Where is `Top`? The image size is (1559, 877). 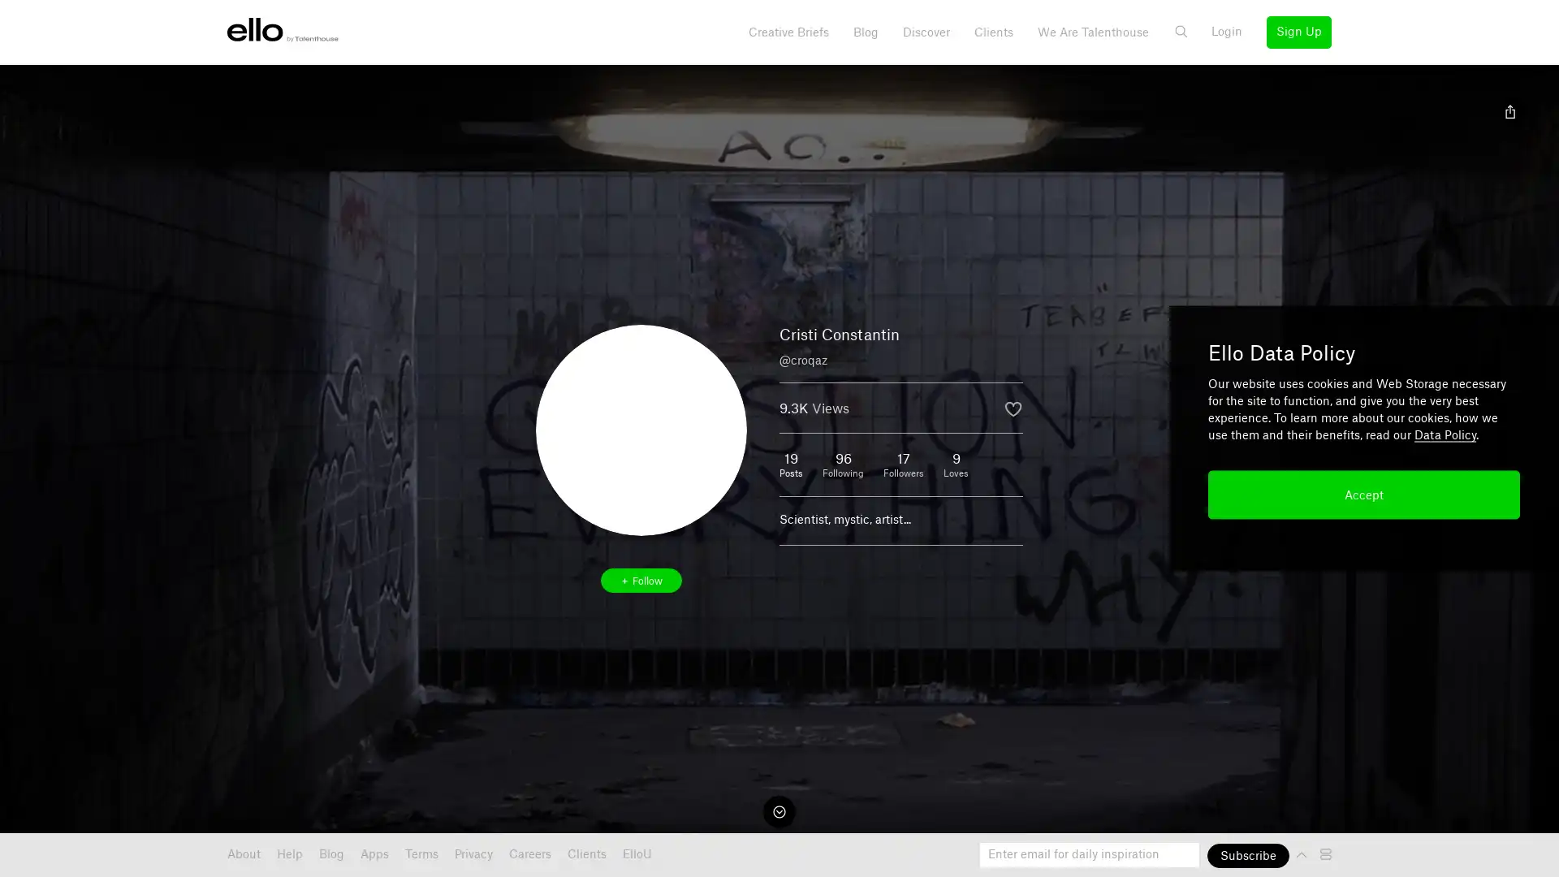
Top is located at coordinates (1303, 853).